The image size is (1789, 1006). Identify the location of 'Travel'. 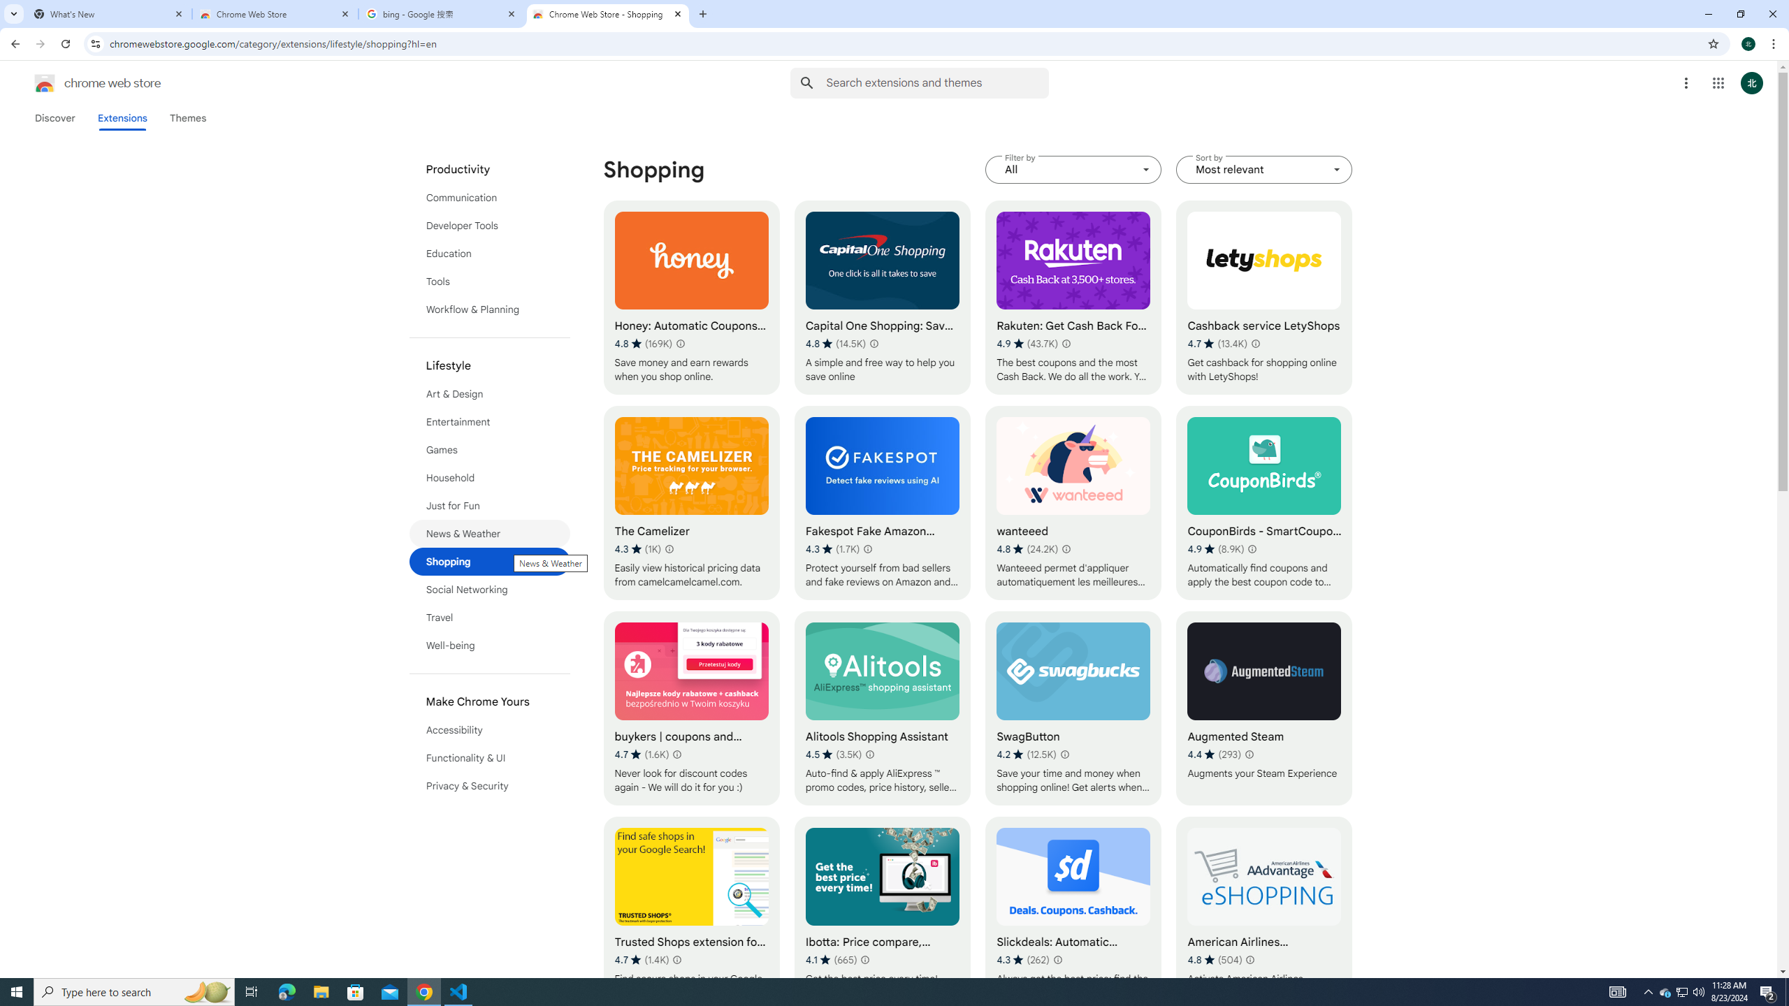
(490, 618).